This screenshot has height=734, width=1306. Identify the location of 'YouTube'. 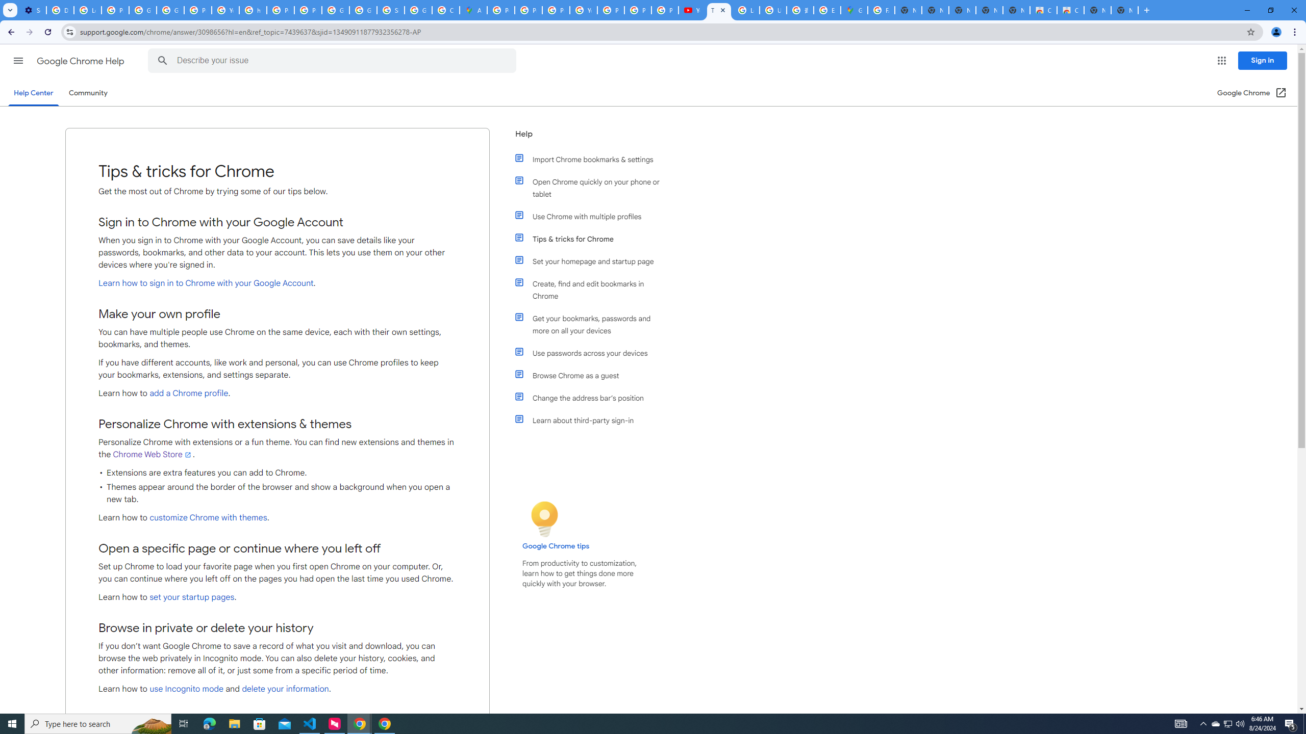
(584, 10).